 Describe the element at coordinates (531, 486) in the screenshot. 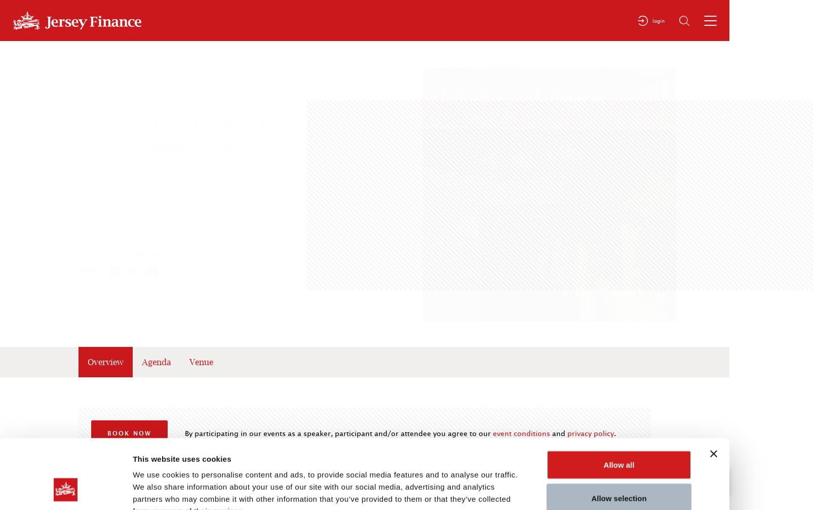

I see `'Show details'` at that location.